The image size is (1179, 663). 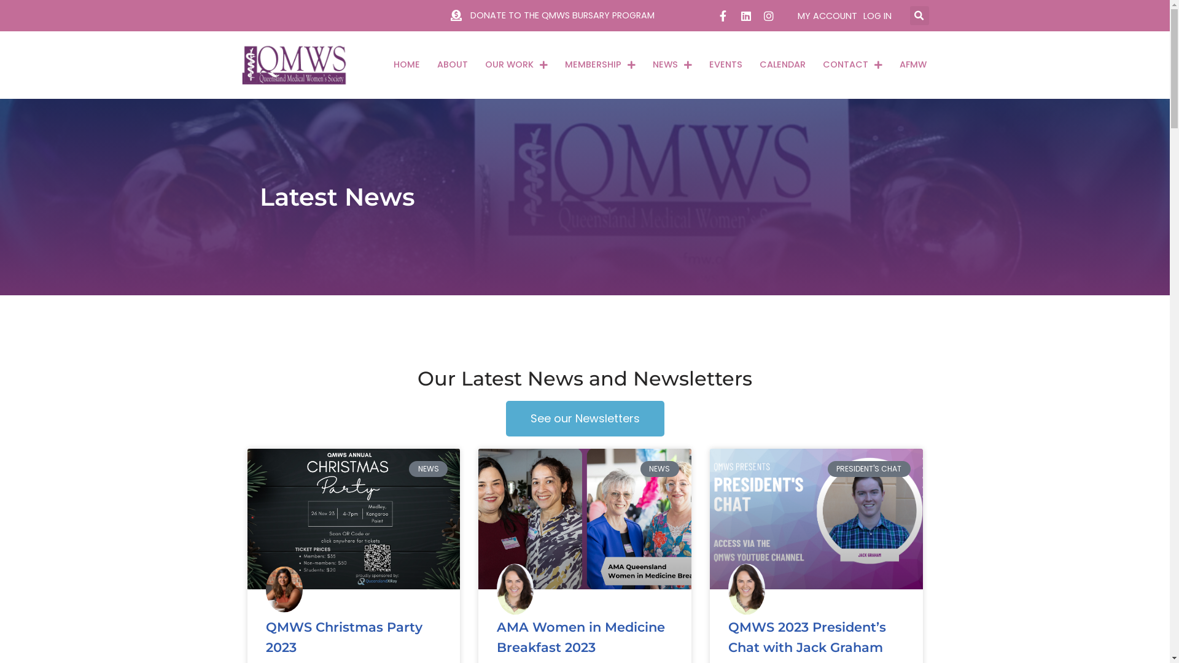 What do you see at coordinates (877, 16) in the screenshot?
I see `'LOG IN'` at bounding box center [877, 16].